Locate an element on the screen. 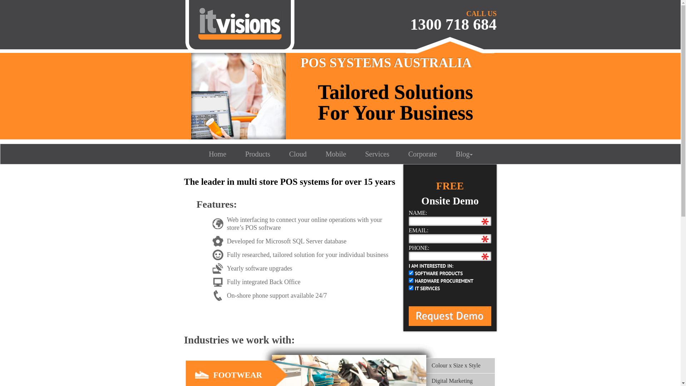 This screenshot has height=386, width=686. 'Cloud' is located at coordinates (298, 154).